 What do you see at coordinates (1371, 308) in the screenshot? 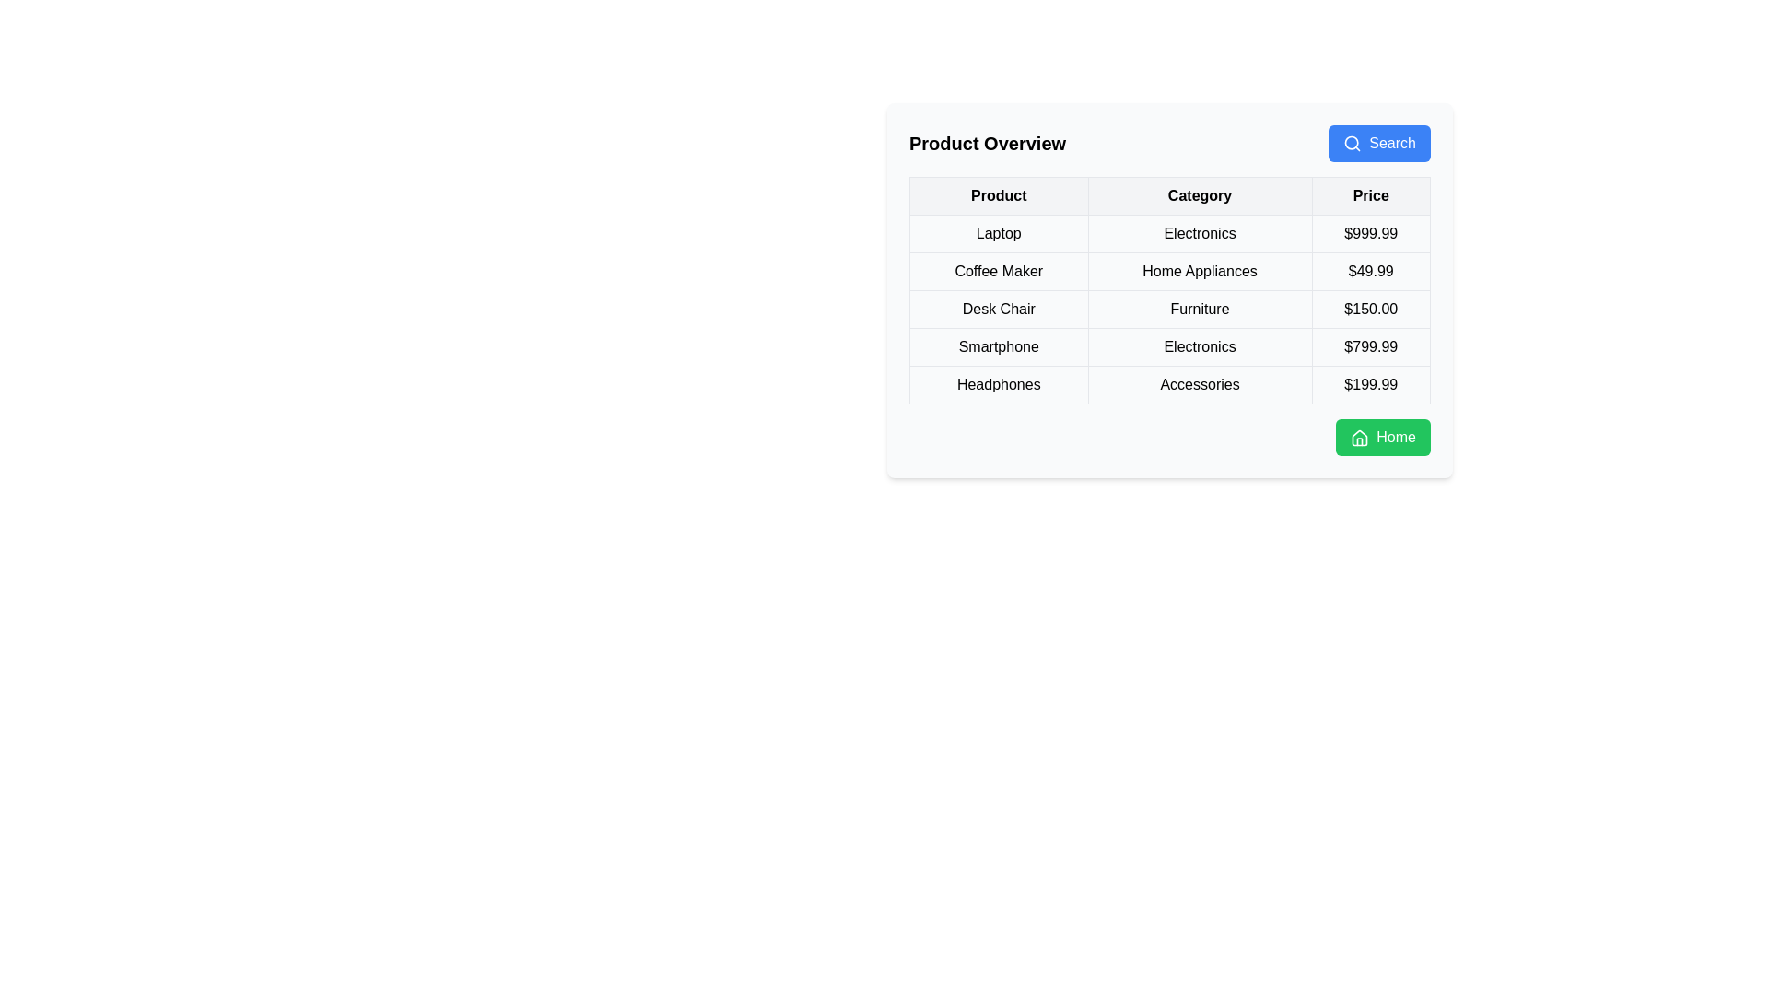
I see `the text label displaying '$150.00' in bold black font, located in the third row and third column of the table under the 'Price' header, which corresponds to the 'Desk Chair' row` at bounding box center [1371, 308].